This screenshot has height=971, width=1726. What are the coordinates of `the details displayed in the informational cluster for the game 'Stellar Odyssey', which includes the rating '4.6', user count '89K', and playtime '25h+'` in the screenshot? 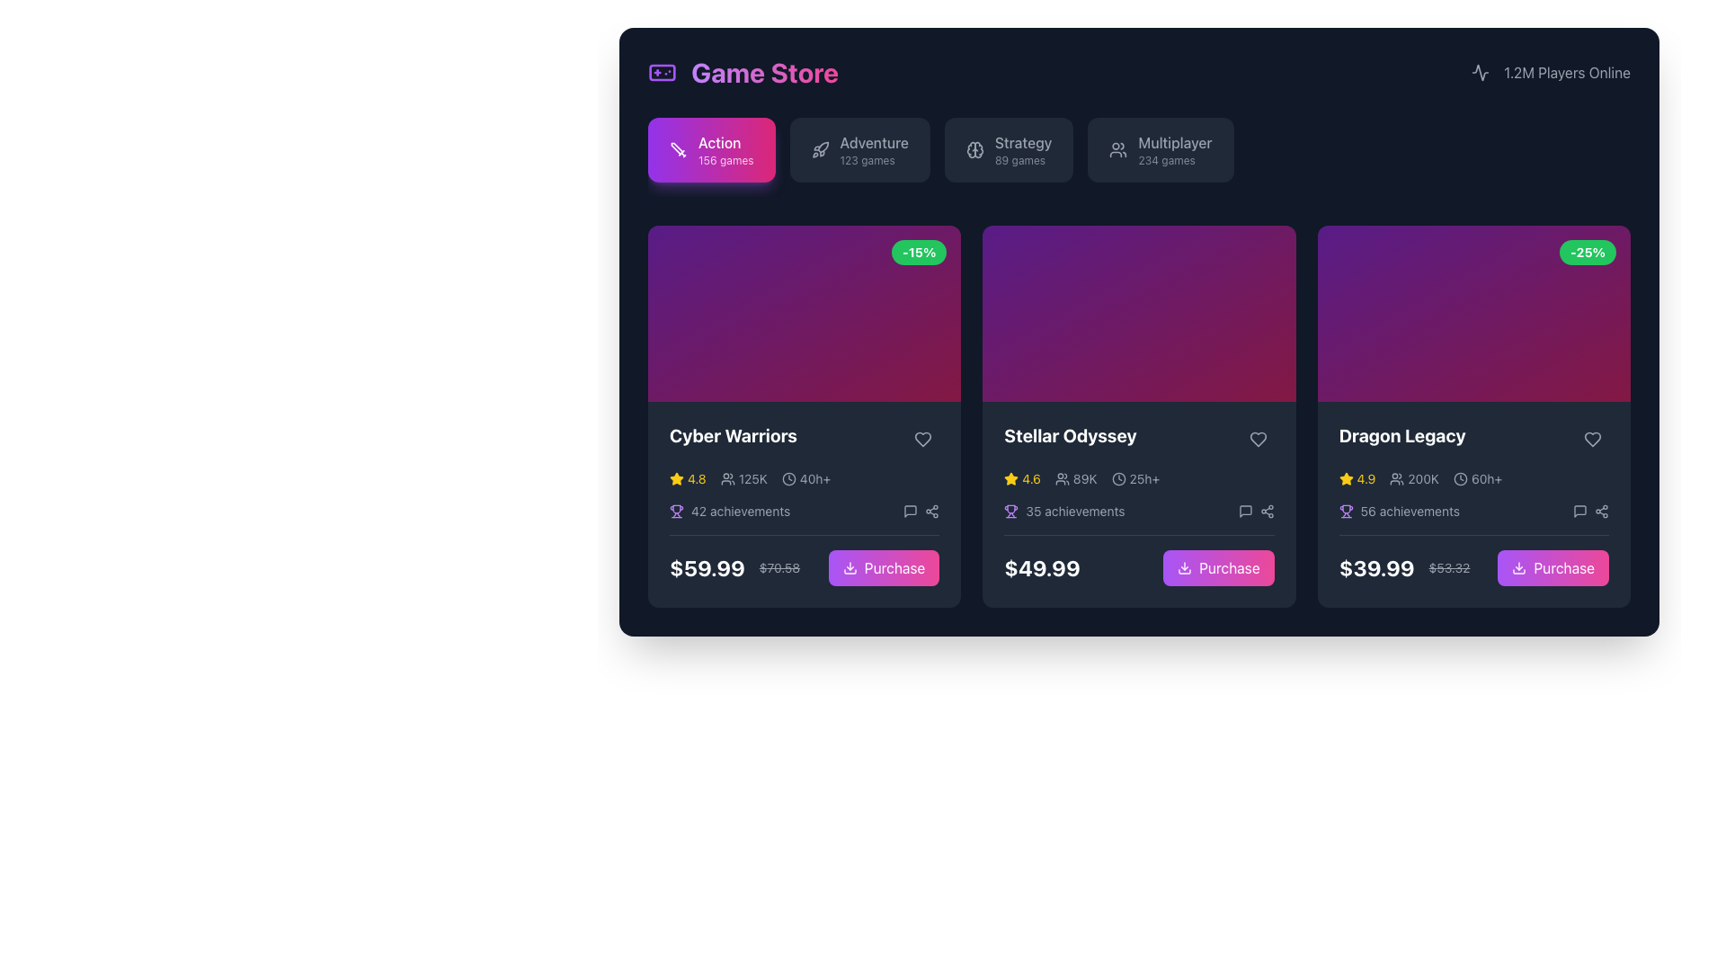 It's located at (1138, 477).